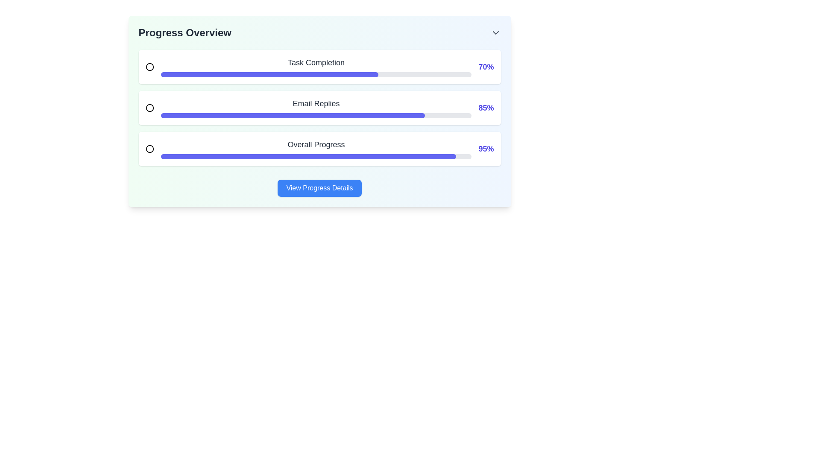 The height and width of the screenshot is (461, 820). Describe the element at coordinates (149, 108) in the screenshot. I see `the decorative icon located at the far-left side of the 'Email Replies' section, which is aligned with the label text and progress bar` at that location.